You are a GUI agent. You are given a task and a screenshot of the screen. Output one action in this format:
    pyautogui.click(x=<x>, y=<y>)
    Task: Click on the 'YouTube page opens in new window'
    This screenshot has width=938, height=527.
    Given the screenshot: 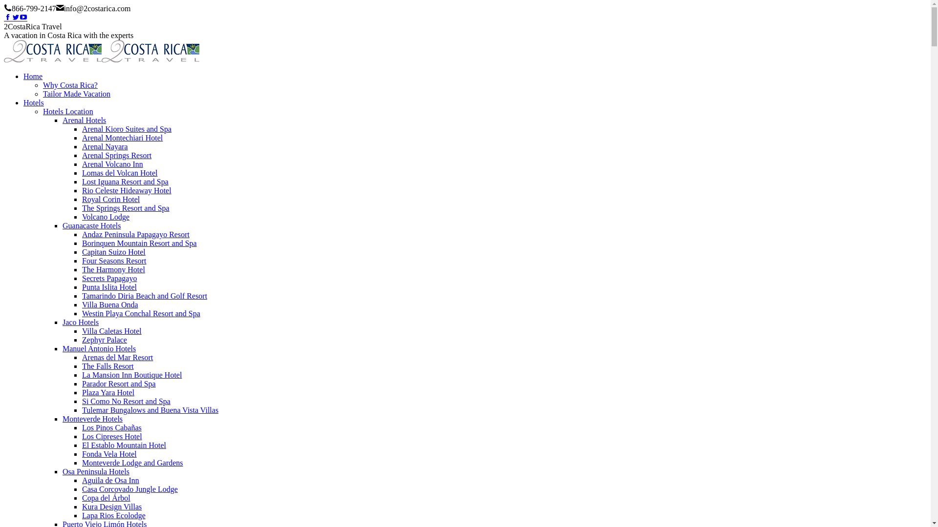 What is the action you would take?
    pyautogui.click(x=23, y=18)
    